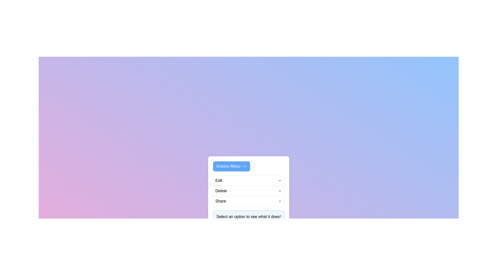 The width and height of the screenshot is (482, 271). What do you see at coordinates (221, 191) in the screenshot?
I see `the menu item Delete to perform its action` at bounding box center [221, 191].